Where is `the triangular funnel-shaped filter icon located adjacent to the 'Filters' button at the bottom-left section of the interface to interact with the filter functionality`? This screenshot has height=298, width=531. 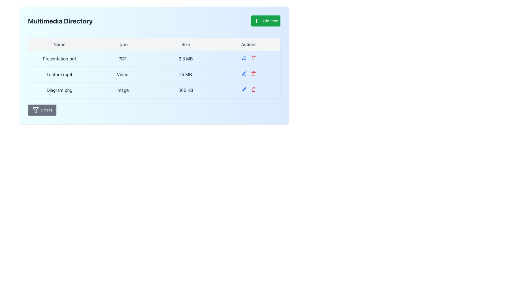
the triangular funnel-shaped filter icon located adjacent to the 'Filters' button at the bottom-left section of the interface to interact with the filter functionality is located at coordinates (35, 110).